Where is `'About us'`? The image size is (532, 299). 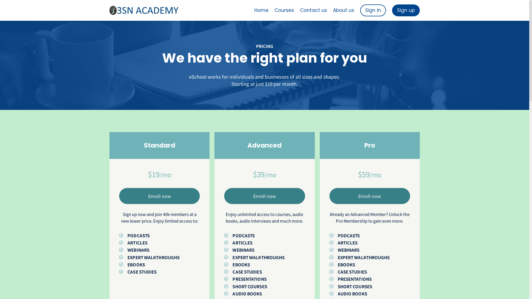 'About us' is located at coordinates (343, 10).